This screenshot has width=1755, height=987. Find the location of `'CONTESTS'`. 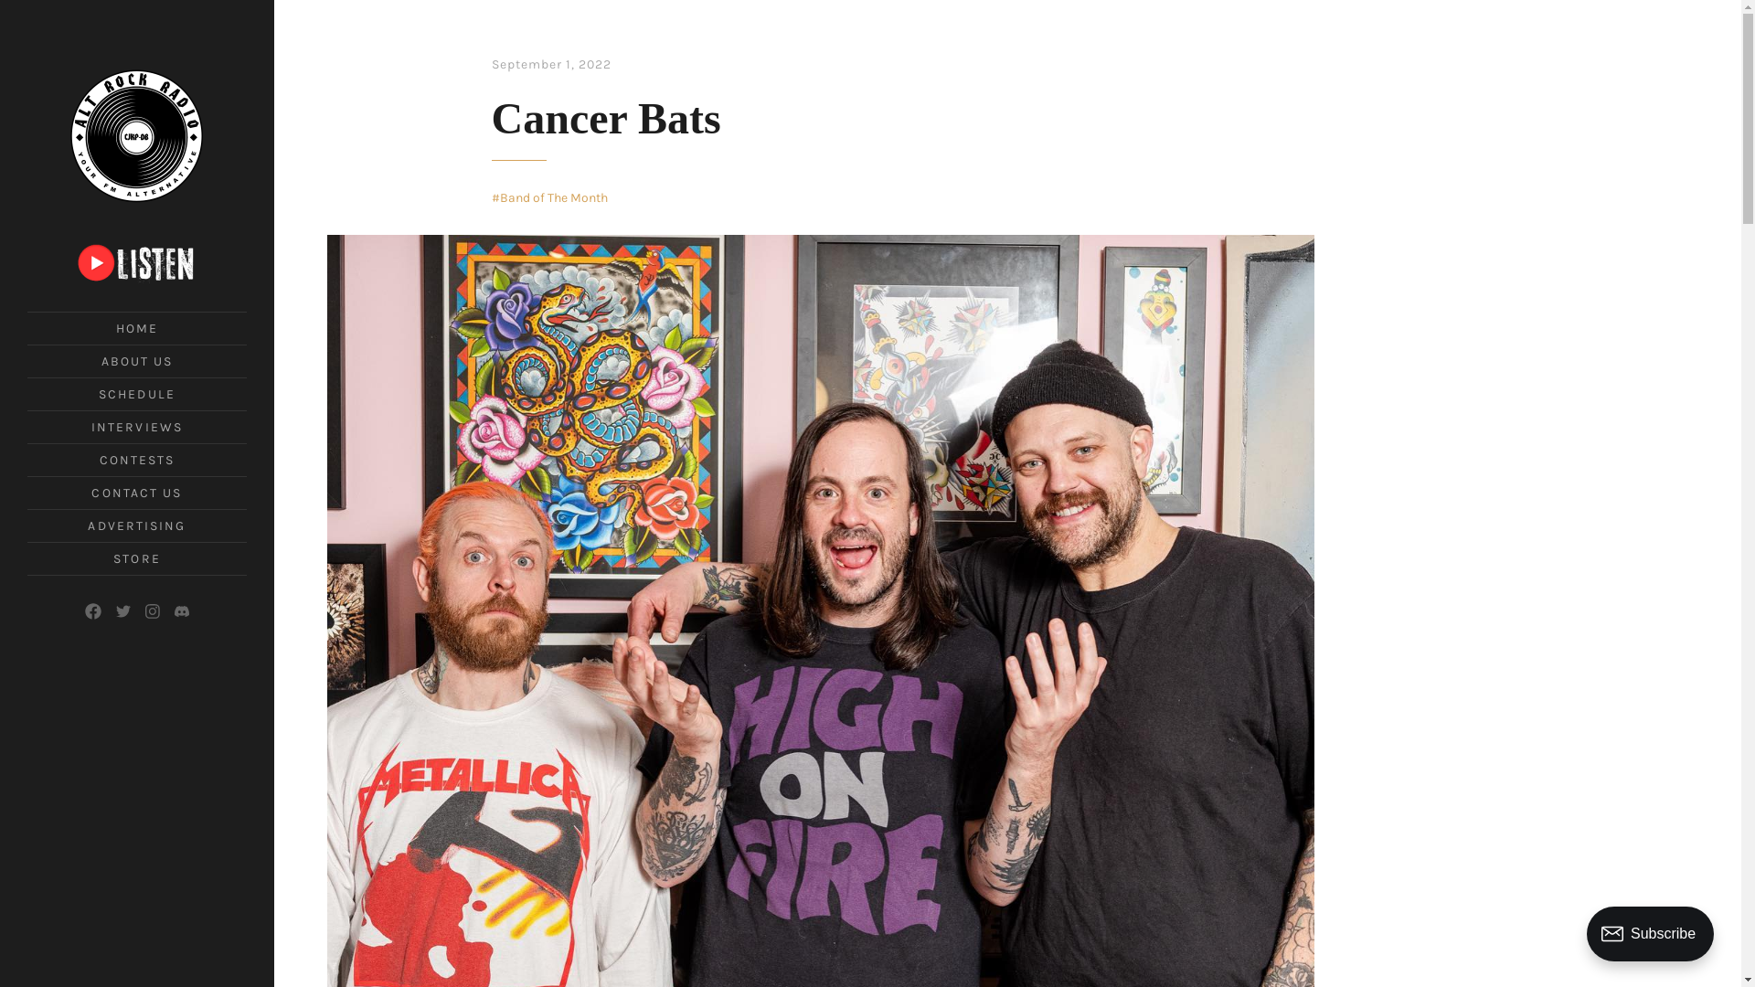

'CONTESTS' is located at coordinates (136, 459).